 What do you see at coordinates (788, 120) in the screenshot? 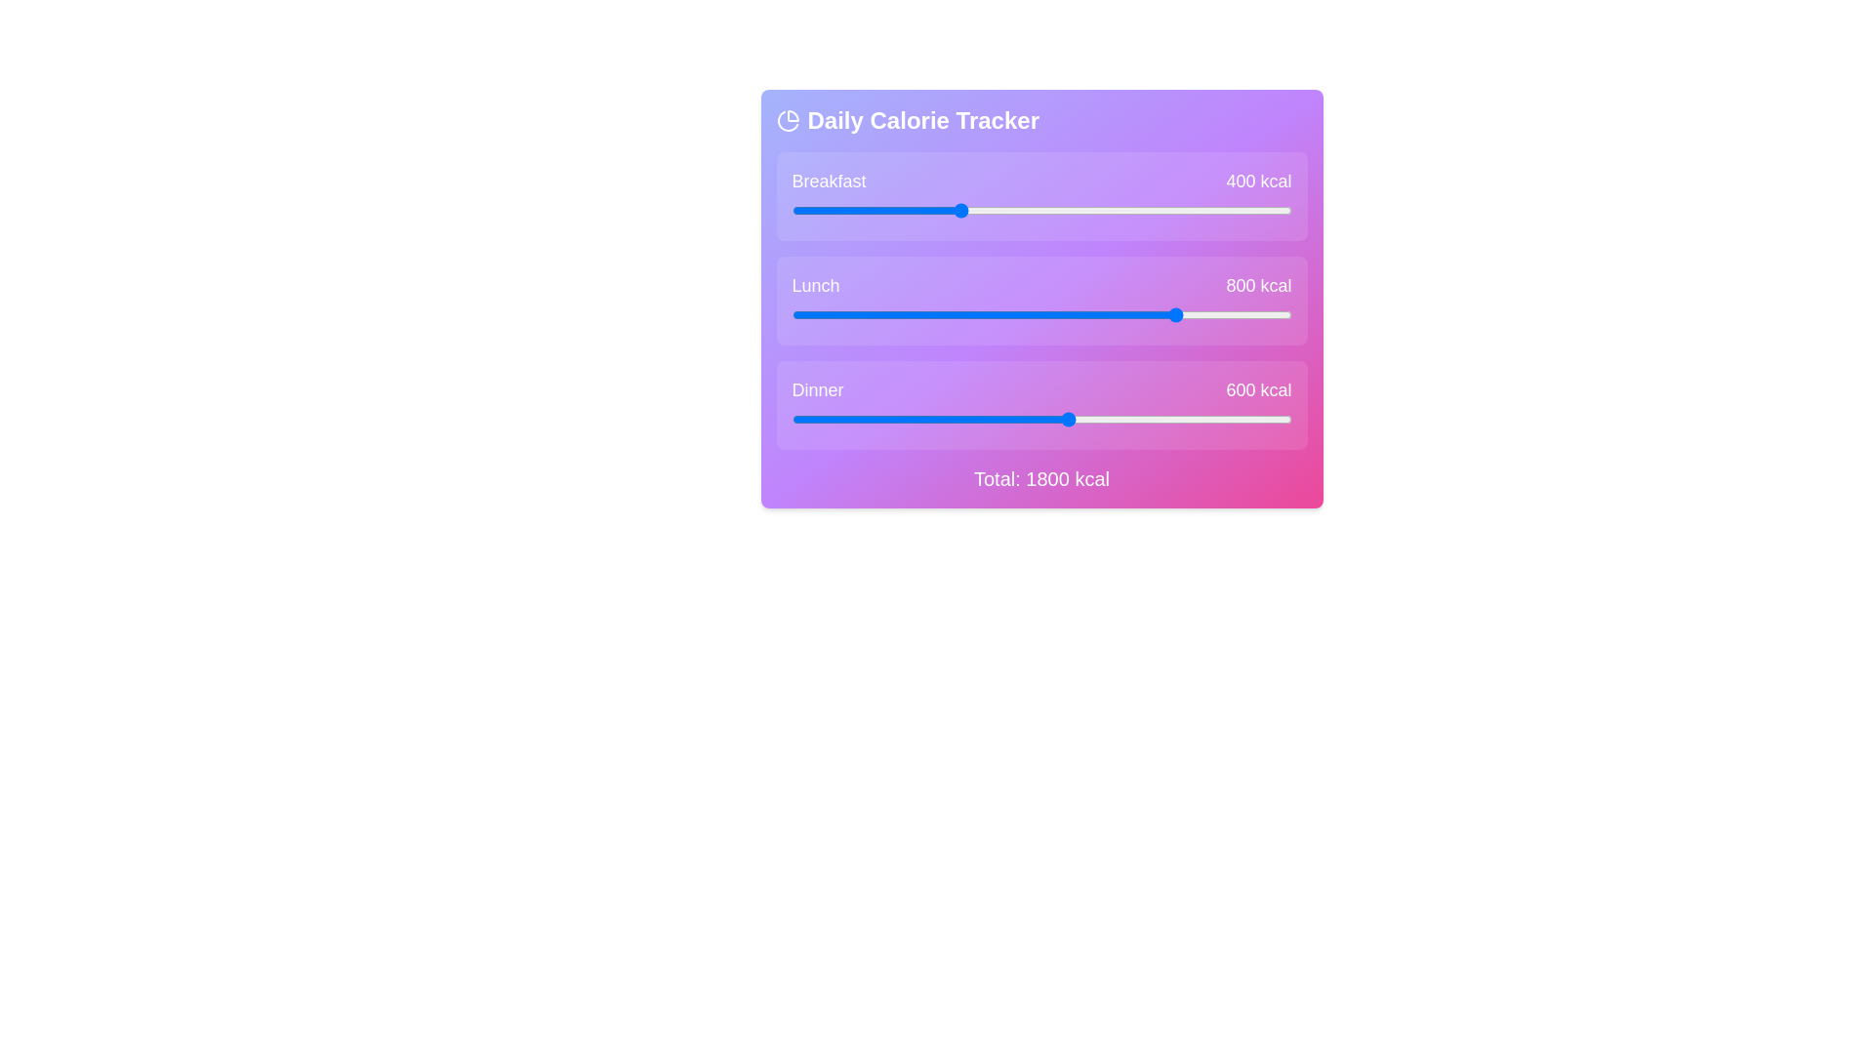
I see `the pie chart icon located in the header section of the 'Daily Calorie Tracker' panel, positioned to the left of the text 'Daily Calorie Tracker'` at bounding box center [788, 120].